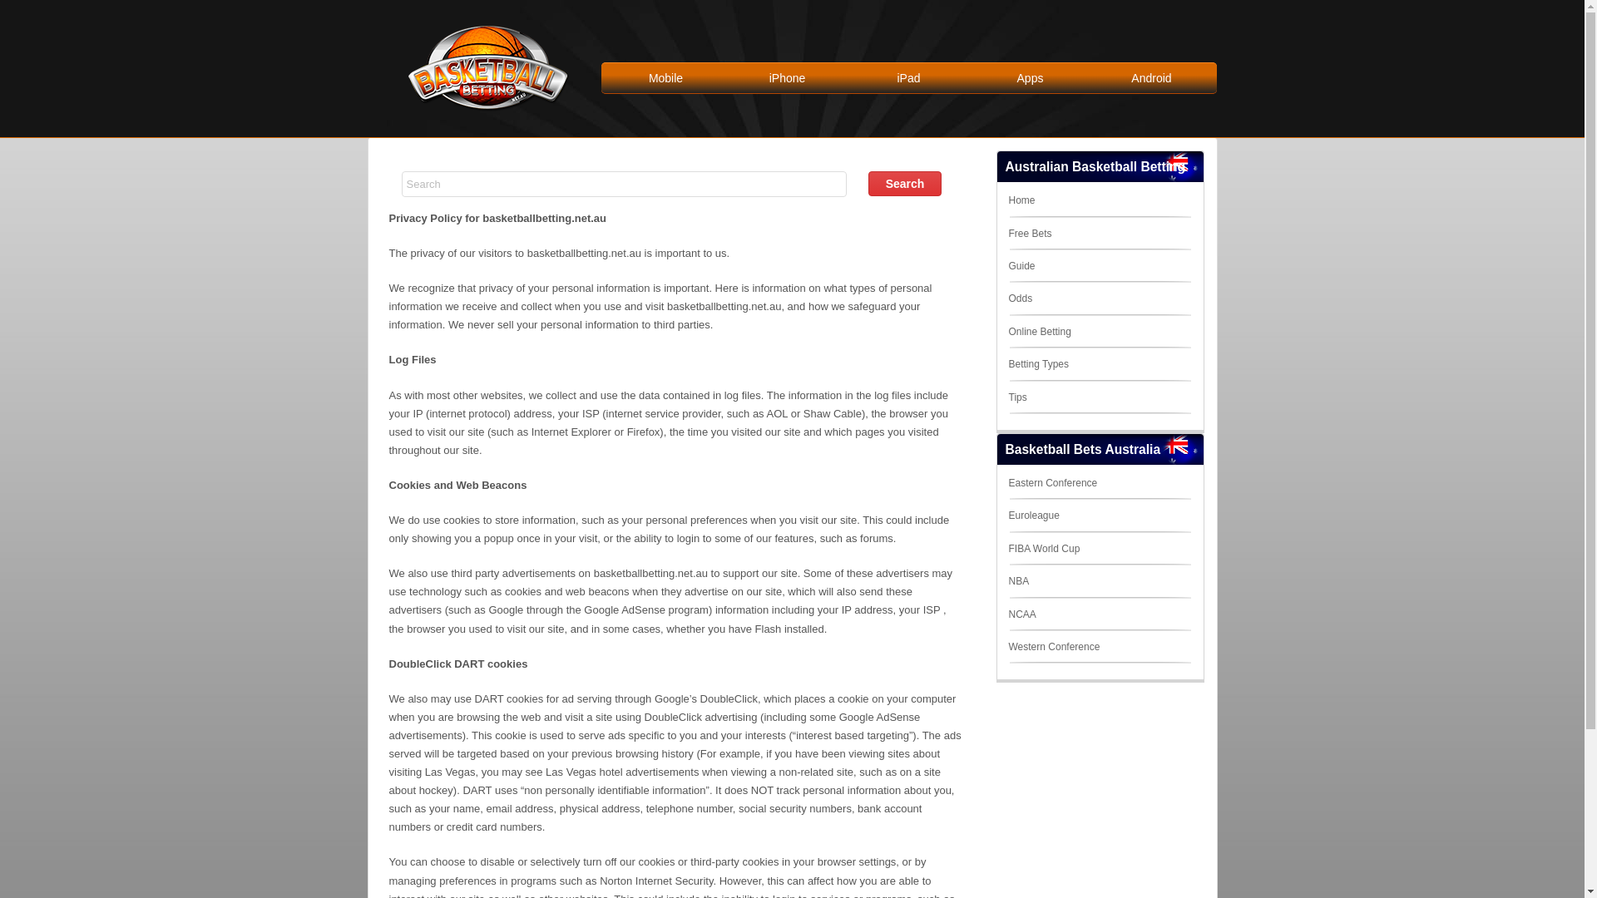 Image resolution: width=1597 pixels, height=898 pixels. Describe the element at coordinates (1006, 363) in the screenshot. I see `'Betting Types'` at that location.